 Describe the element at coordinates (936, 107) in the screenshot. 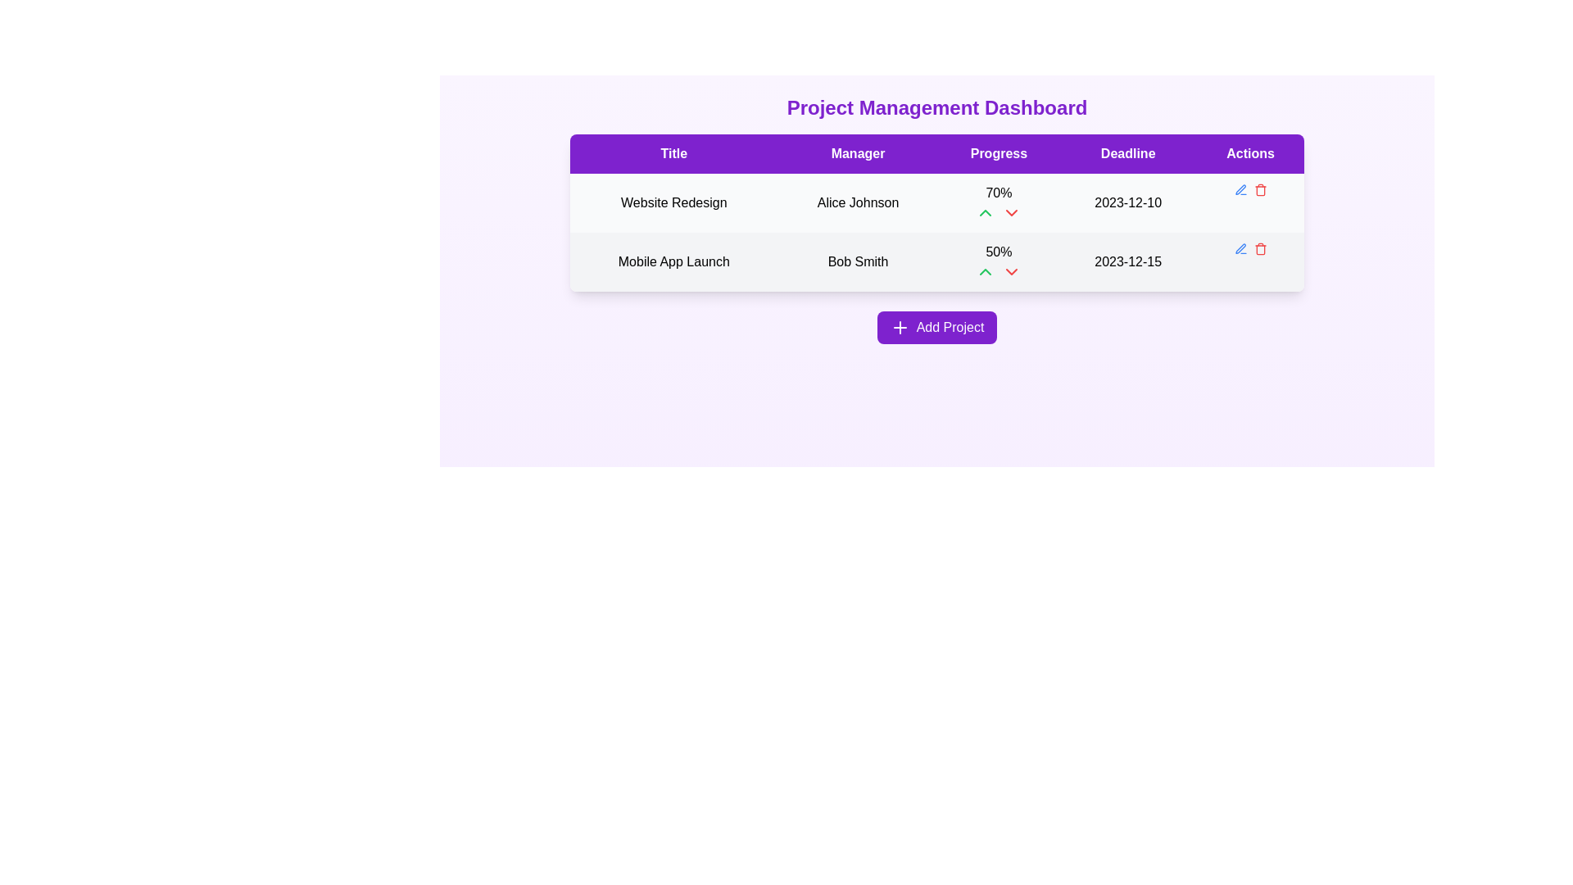

I see `the 'Project Management Dashboard' header element, which is styled with a bold, large purple font and is located at the top-center of the interface` at that location.